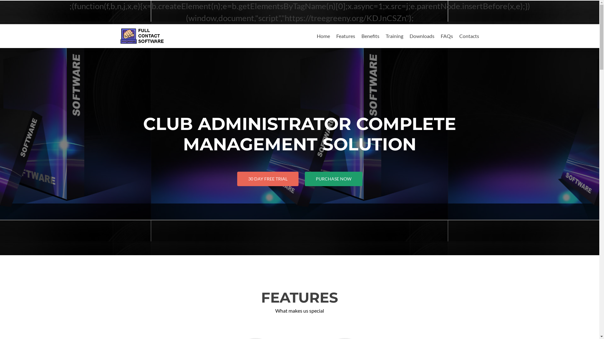 The image size is (604, 339). What do you see at coordinates (469, 36) in the screenshot?
I see `'Contacts'` at bounding box center [469, 36].